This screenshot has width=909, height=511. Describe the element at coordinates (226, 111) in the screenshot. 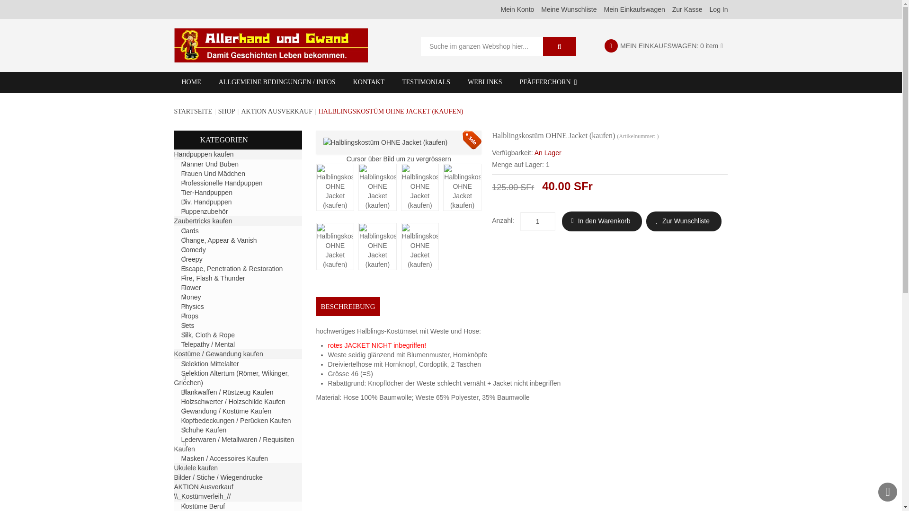

I see `'SHOP'` at that location.